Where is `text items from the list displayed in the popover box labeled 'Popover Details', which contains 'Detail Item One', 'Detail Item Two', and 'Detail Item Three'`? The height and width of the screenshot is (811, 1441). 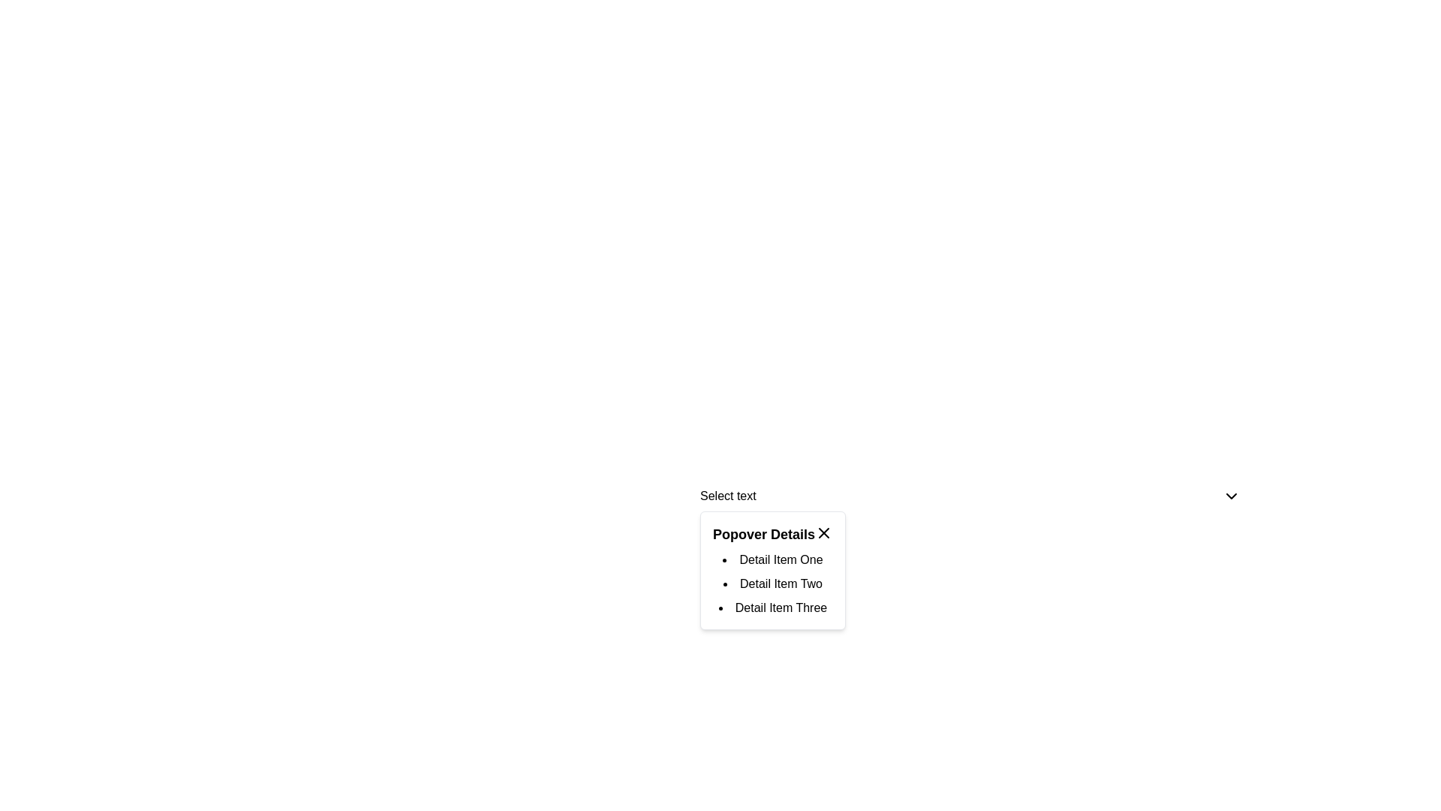 text items from the list displayed in the popover box labeled 'Popover Details', which contains 'Detail Item One', 'Detail Item Two', and 'Detail Item Three' is located at coordinates (773, 583).